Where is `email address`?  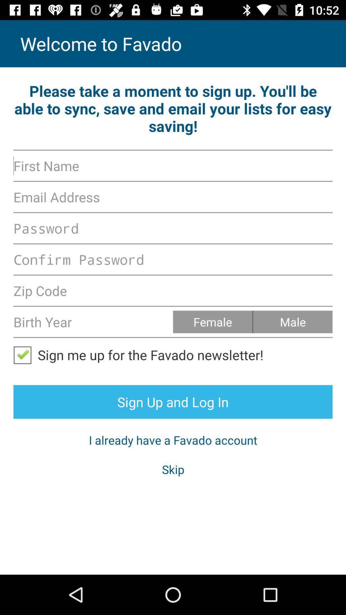
email address is located at coordinates (173, 196).